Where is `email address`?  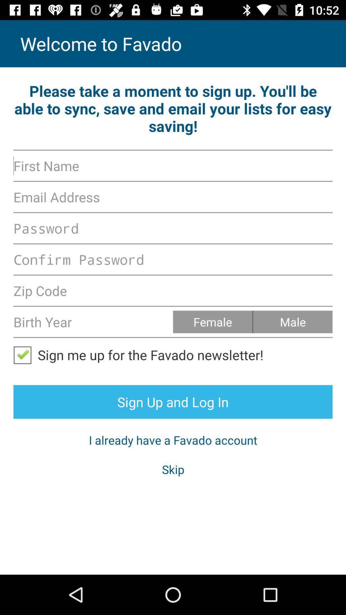
email address is located at coordinates (173, 196).